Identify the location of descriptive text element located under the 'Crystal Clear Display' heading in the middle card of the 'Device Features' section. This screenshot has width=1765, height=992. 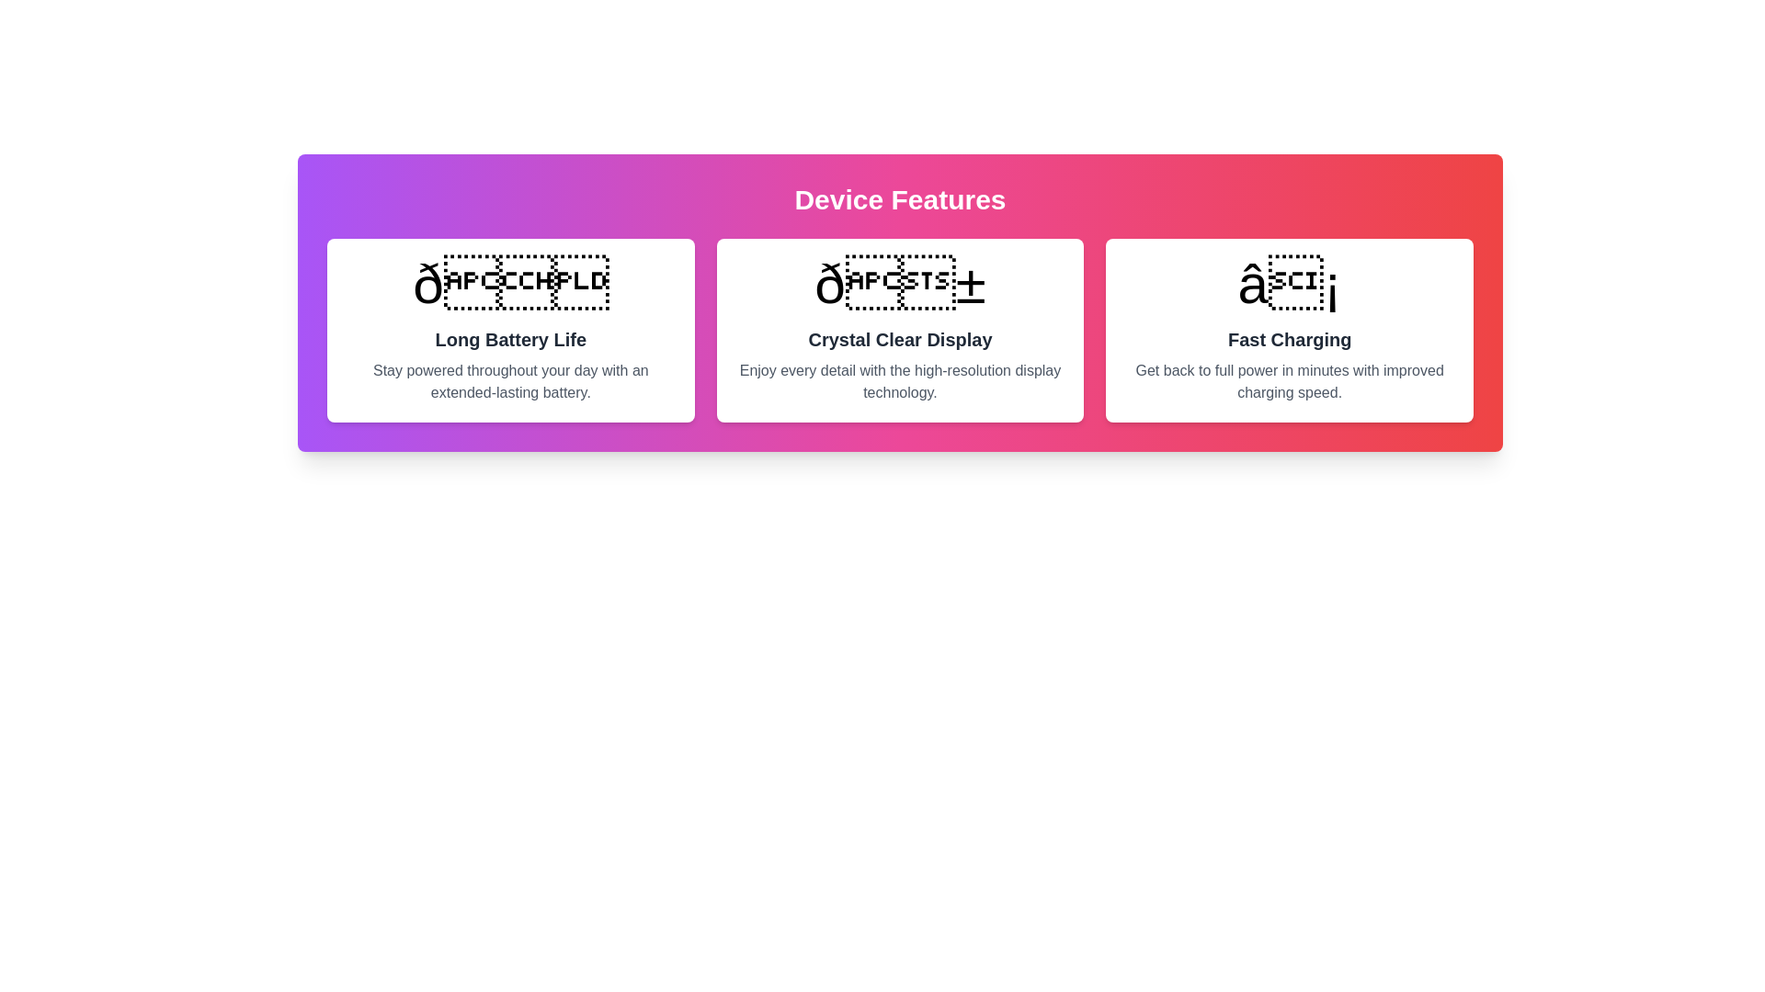
(900, 381).